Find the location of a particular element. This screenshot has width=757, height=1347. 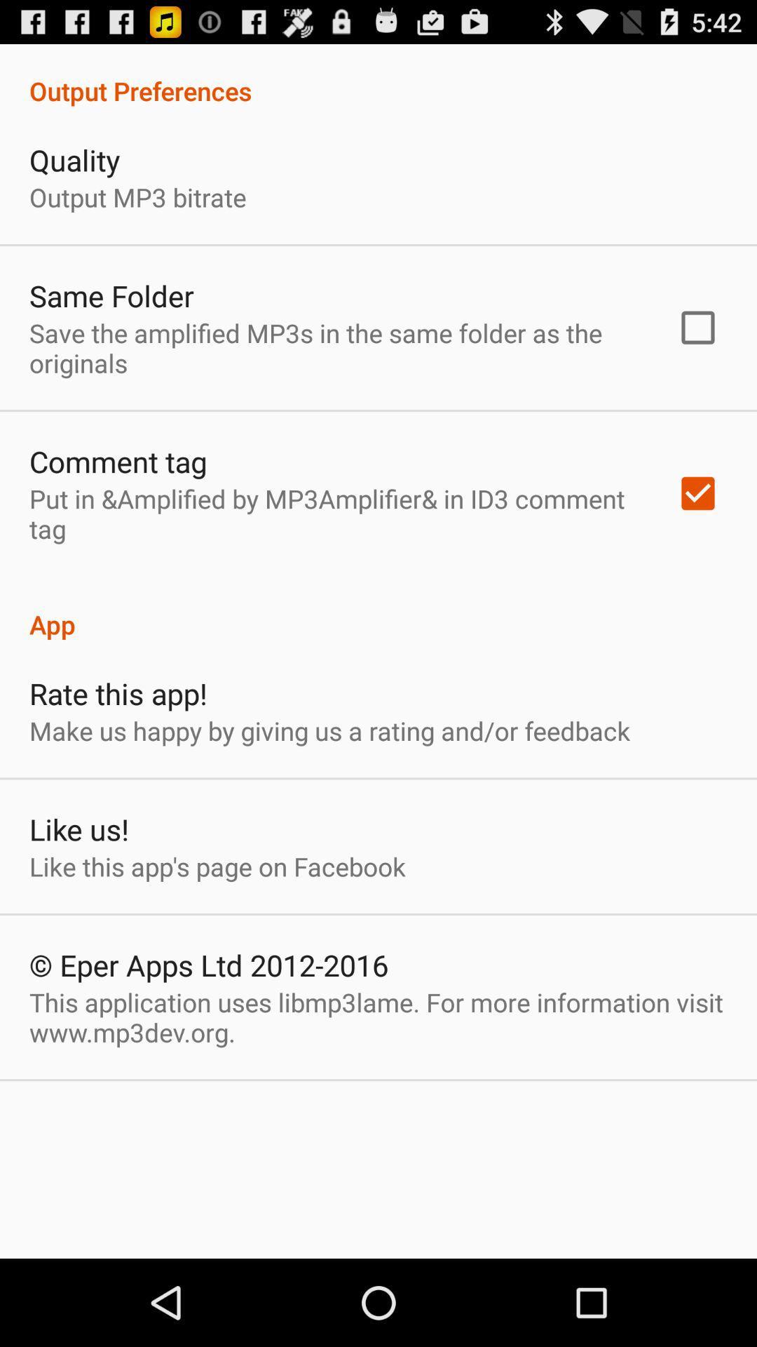

quality icon is located at coordinates (74, 160).